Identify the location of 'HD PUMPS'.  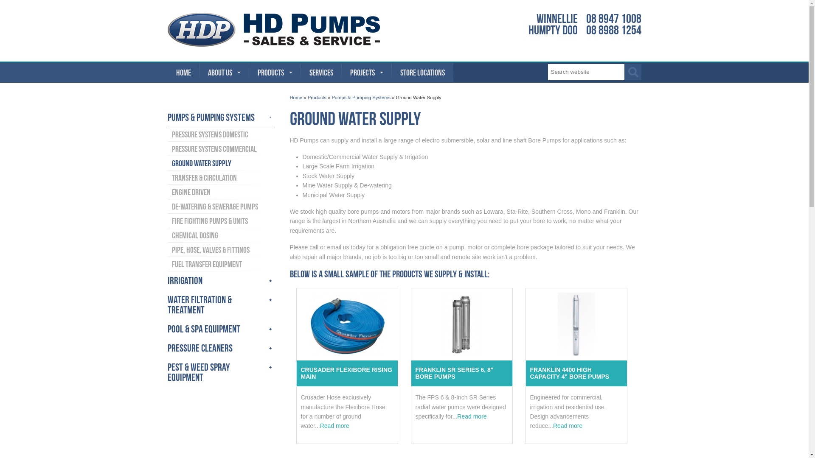
(273, 29).